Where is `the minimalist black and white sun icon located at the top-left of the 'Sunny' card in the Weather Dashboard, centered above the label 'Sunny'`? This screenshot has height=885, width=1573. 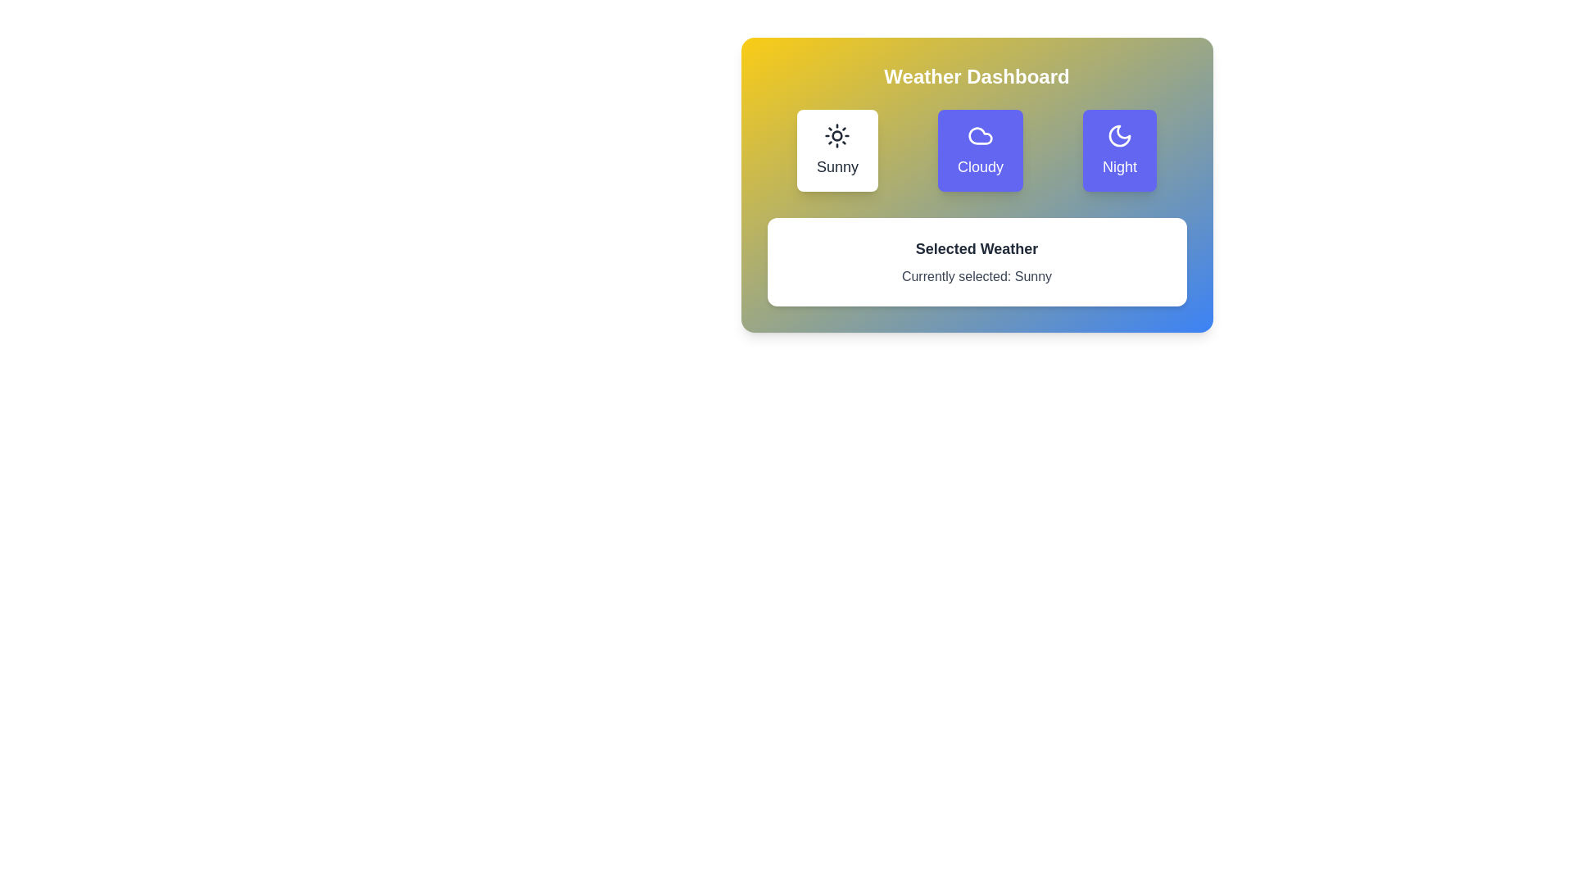
the minimalist black and white sun icon located at the top-left of the 'Sunny' card in the Weather Dashboard, centered above the label 'Sunny' is located at coordinates (837, 134).